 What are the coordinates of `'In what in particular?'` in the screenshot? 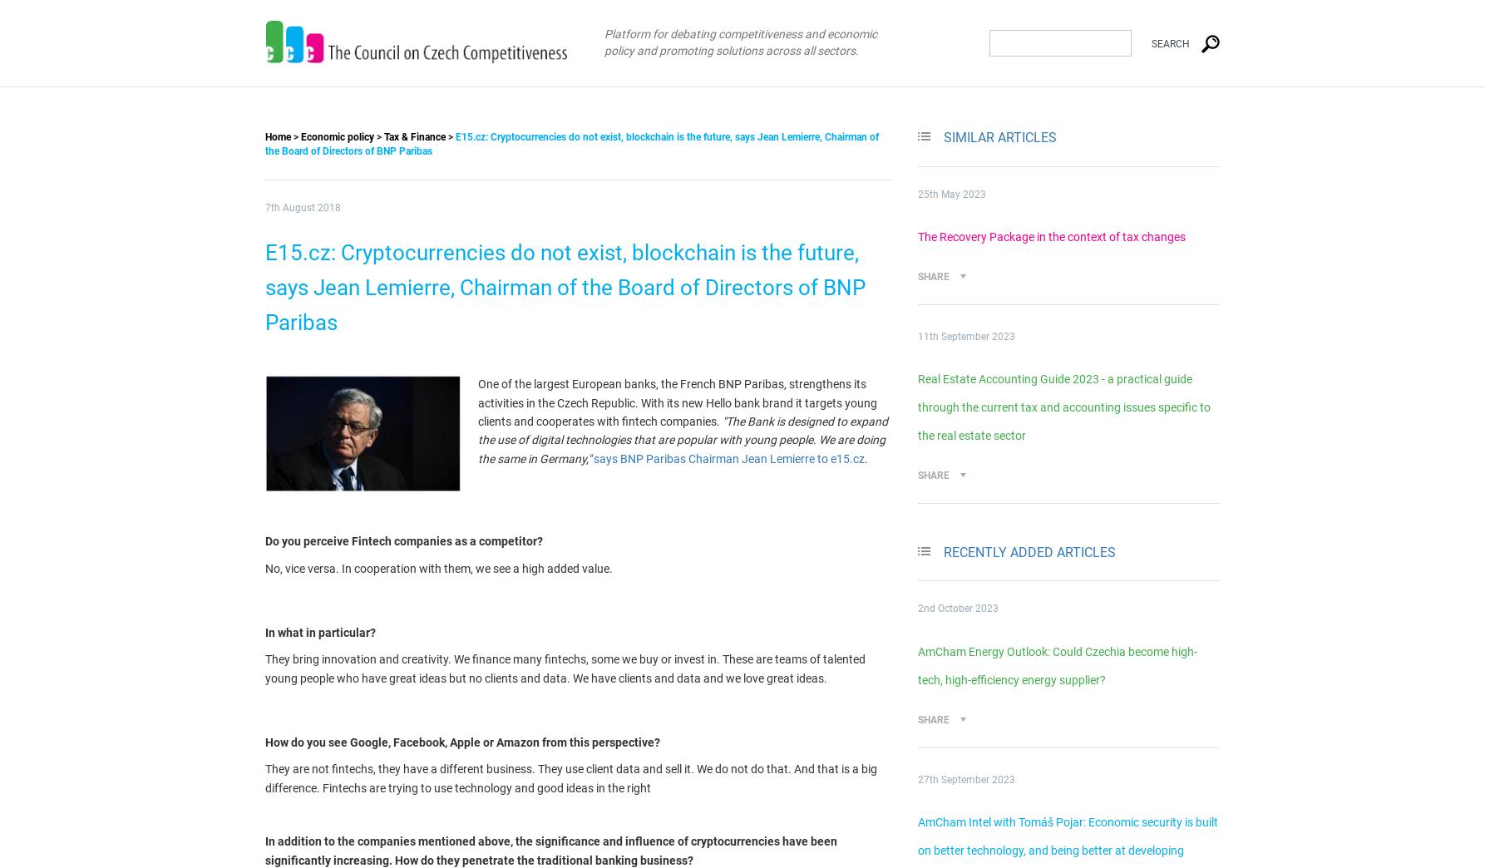 It's located at (320, 632).